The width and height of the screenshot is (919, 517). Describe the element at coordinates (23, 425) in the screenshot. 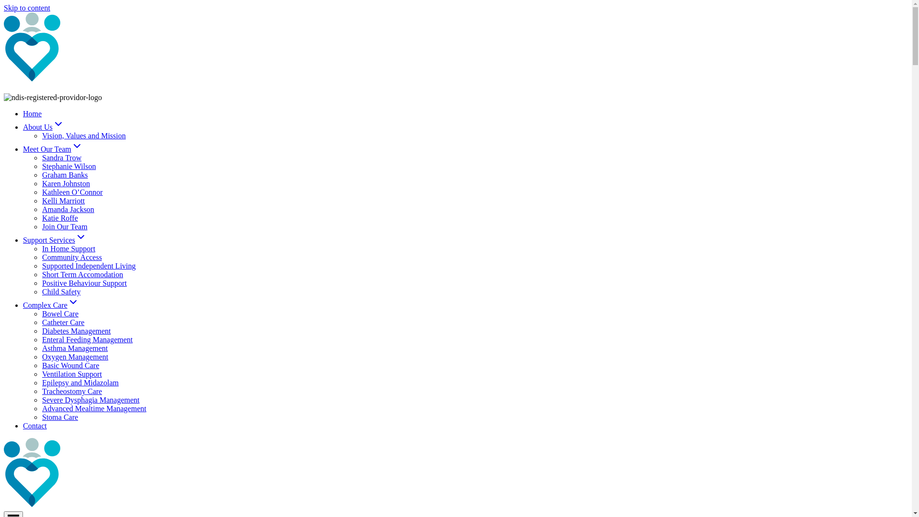

I see `'Contact'` at that location.